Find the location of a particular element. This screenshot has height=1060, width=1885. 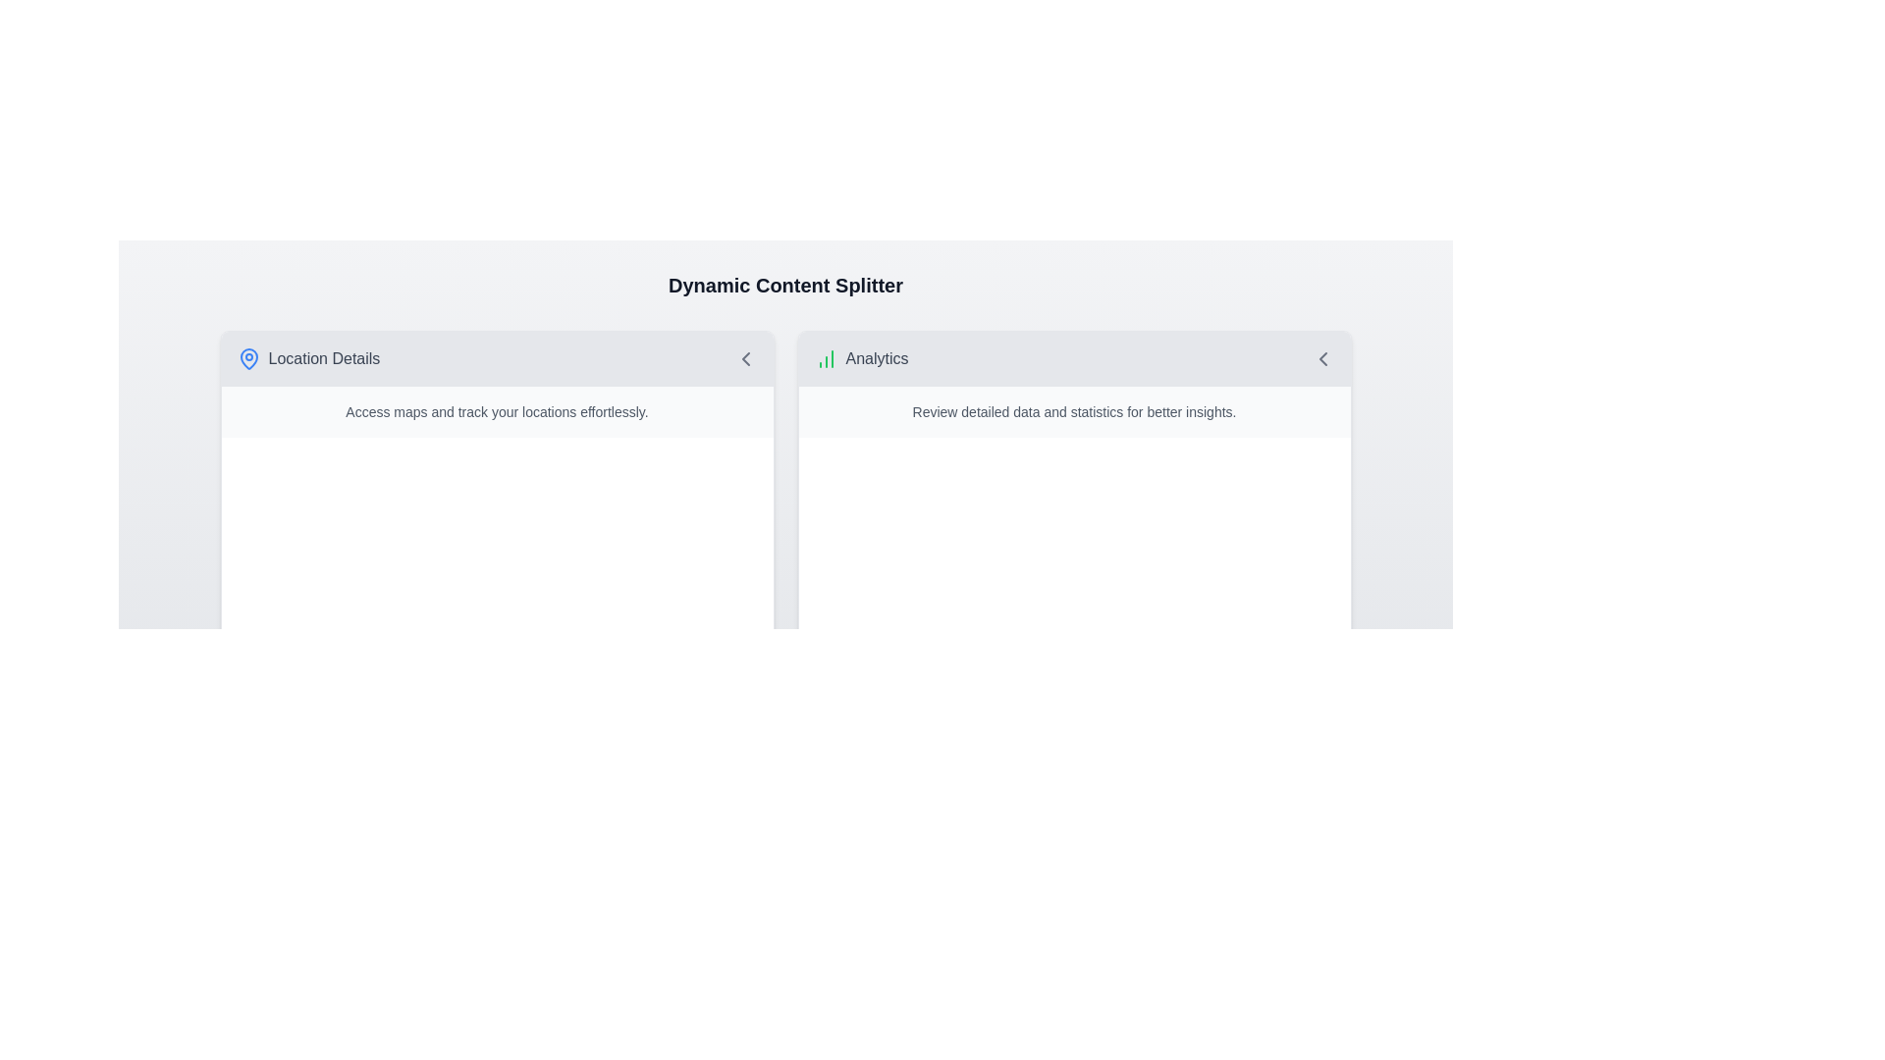

the leftward gray chevron icon located on the far right of the 'Location Details' section is located at coordinates (744, 359).